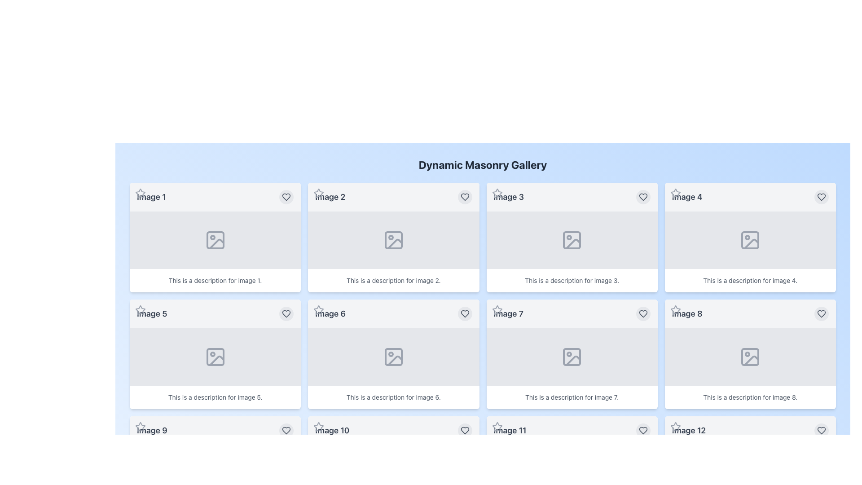  I want to click on the decorative vector graphic which is part of the sixth box in the gallery grid, specifically on the bottom half of the mountain shape, so click(395, 360).